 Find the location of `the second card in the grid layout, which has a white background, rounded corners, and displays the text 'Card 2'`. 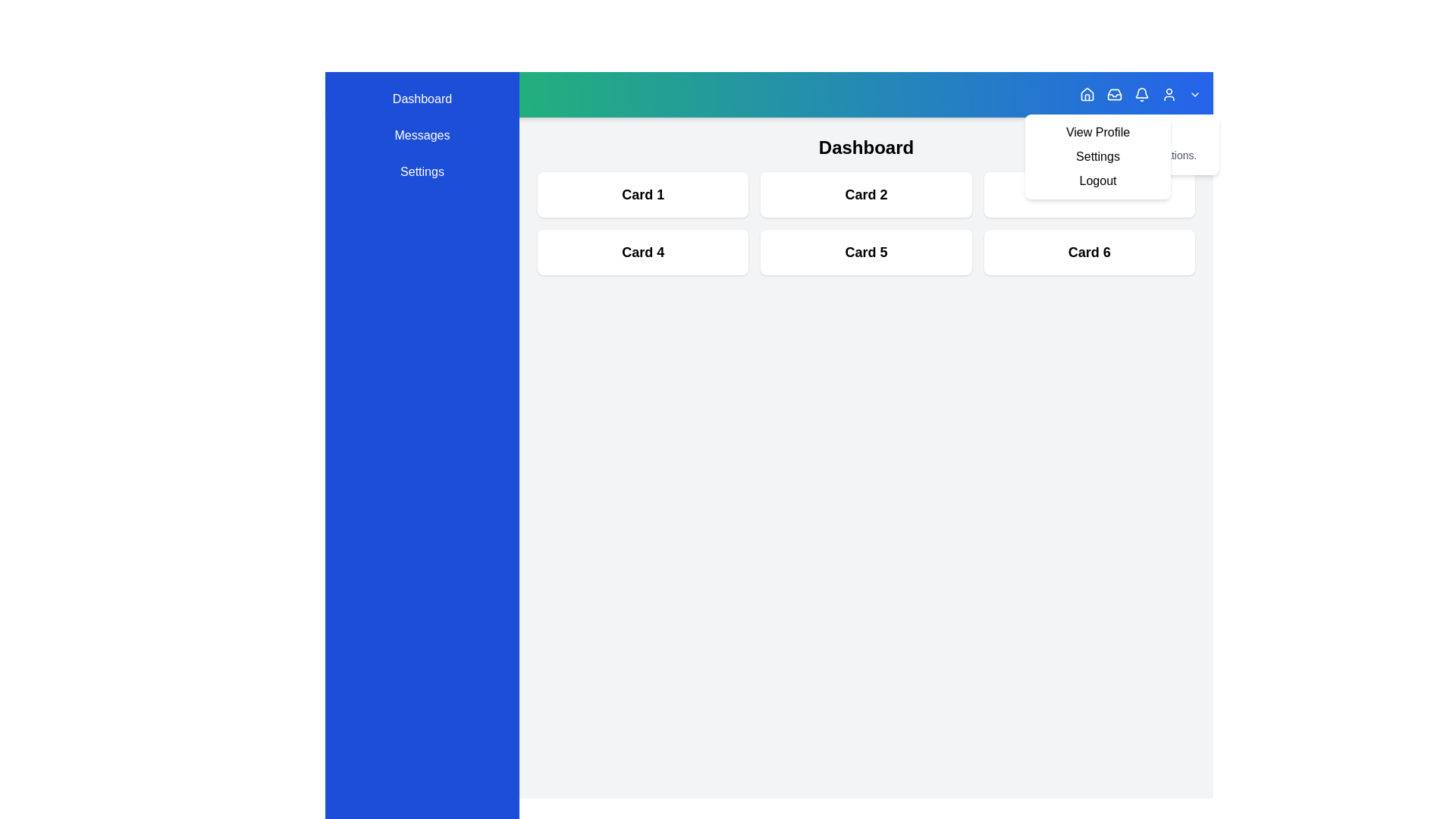

the second card in the grid layout, which has a white background, rounded corners, and displays the text 'Card 2' is located at coordinates (866, 194).